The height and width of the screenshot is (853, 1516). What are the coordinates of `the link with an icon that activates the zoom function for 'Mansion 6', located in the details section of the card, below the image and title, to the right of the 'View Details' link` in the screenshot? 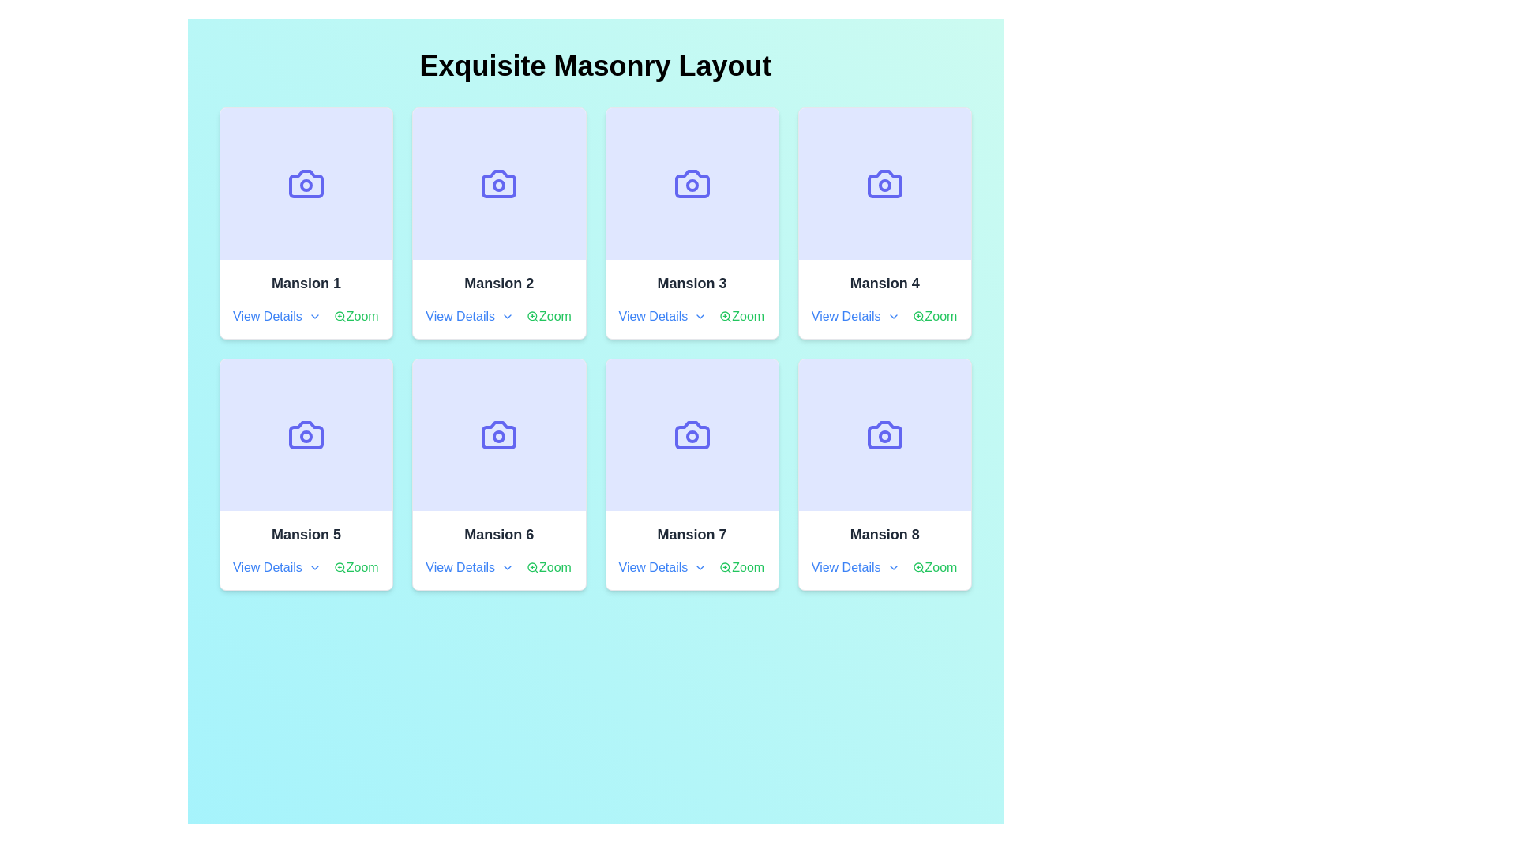 It's located at (549, 566).